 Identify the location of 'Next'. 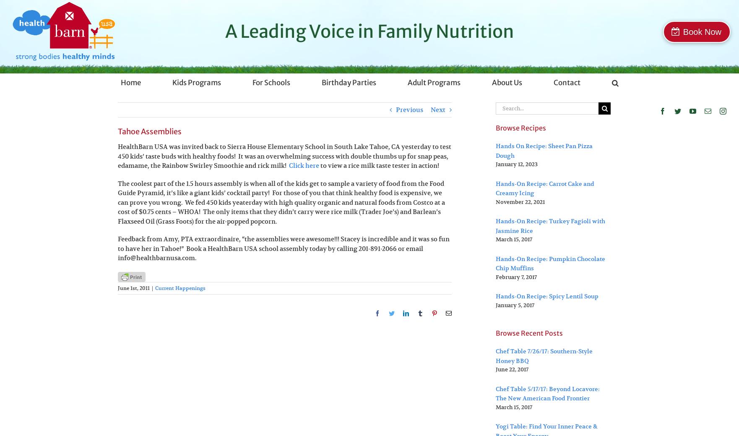
(438, 110).